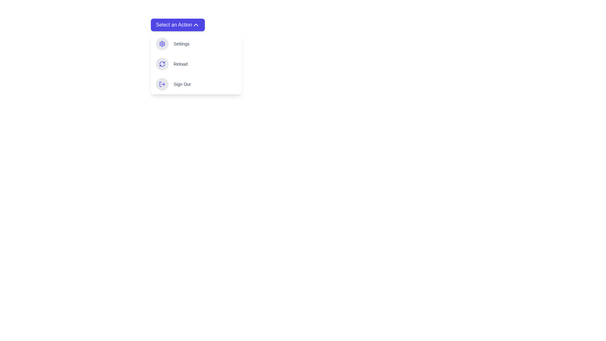 The image size is (606, 341). What do you see at coordinates (162, 43) in the screenshot?
I see `the circular settings icon with a light gray background and blue gear design, positioned at the top of a vertical list` at bounding box center [162, 43].